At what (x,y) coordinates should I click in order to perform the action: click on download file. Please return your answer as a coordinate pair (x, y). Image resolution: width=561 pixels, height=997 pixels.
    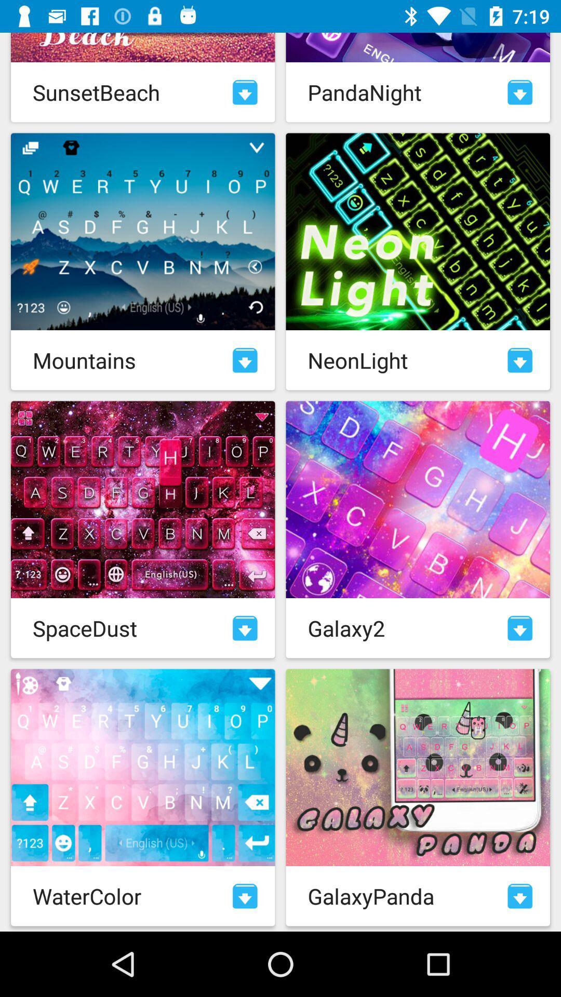
    Looking at the image, I should click on (245, 895).